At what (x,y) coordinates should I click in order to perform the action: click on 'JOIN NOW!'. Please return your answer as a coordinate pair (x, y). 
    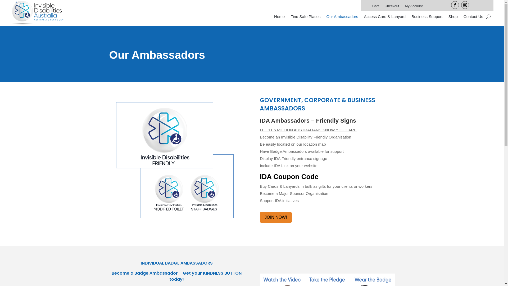
    Looking at the image, I should click on (275, 217).